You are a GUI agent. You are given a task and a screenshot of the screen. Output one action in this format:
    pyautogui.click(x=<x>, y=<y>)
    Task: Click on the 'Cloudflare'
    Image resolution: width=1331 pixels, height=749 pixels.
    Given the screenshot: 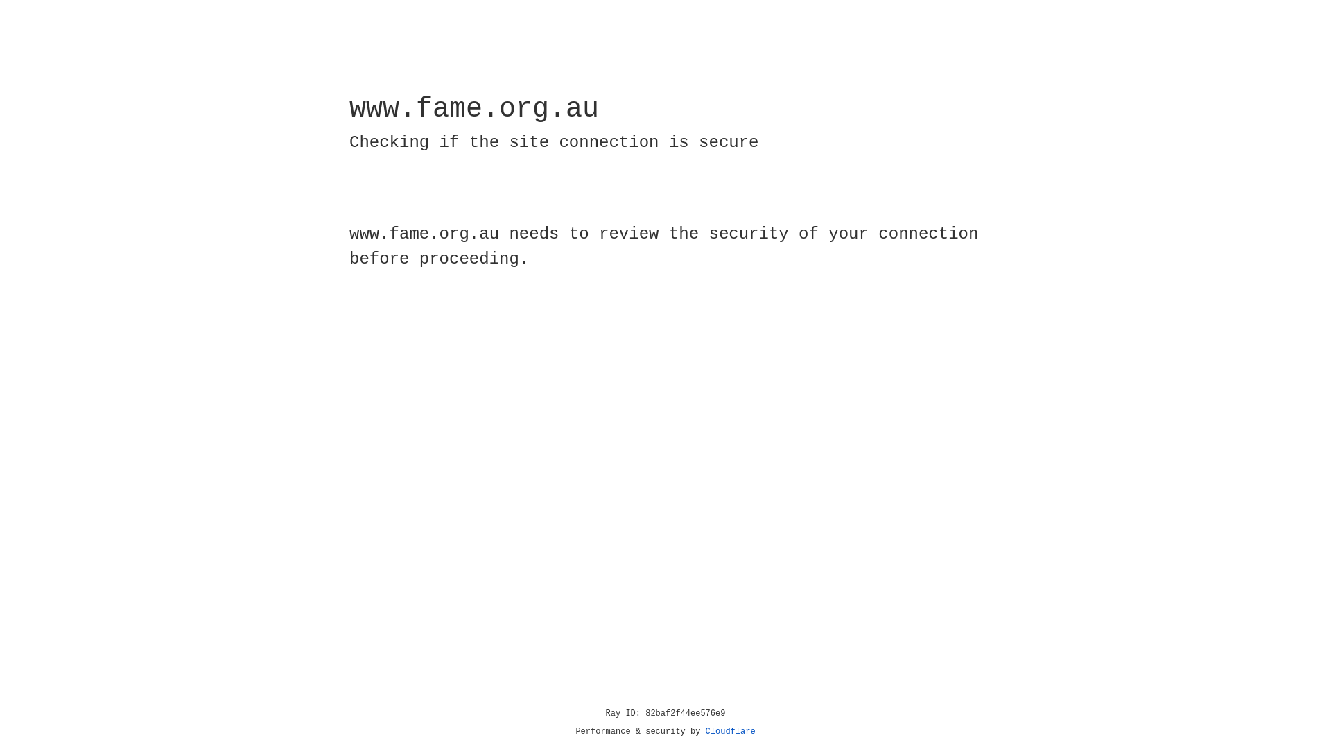 What is the action you would take?
    pyautogui.click(x=705, y=731)
    